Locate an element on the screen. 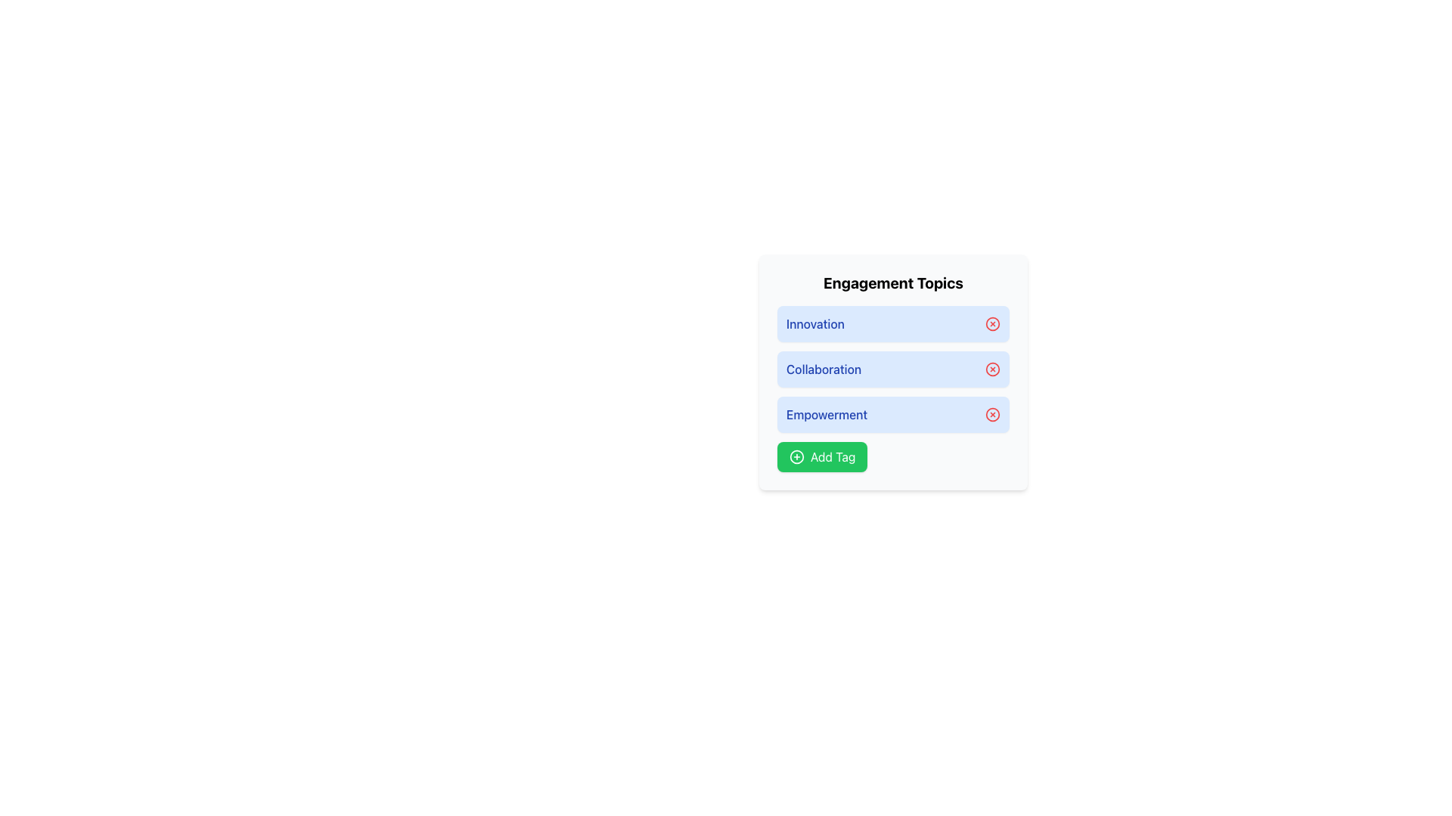  the circular button-like graphical icon located in the bottom-right corner of the 'Empowerment' row under 'Engagement Topics' is located at coordinates (993, 414).